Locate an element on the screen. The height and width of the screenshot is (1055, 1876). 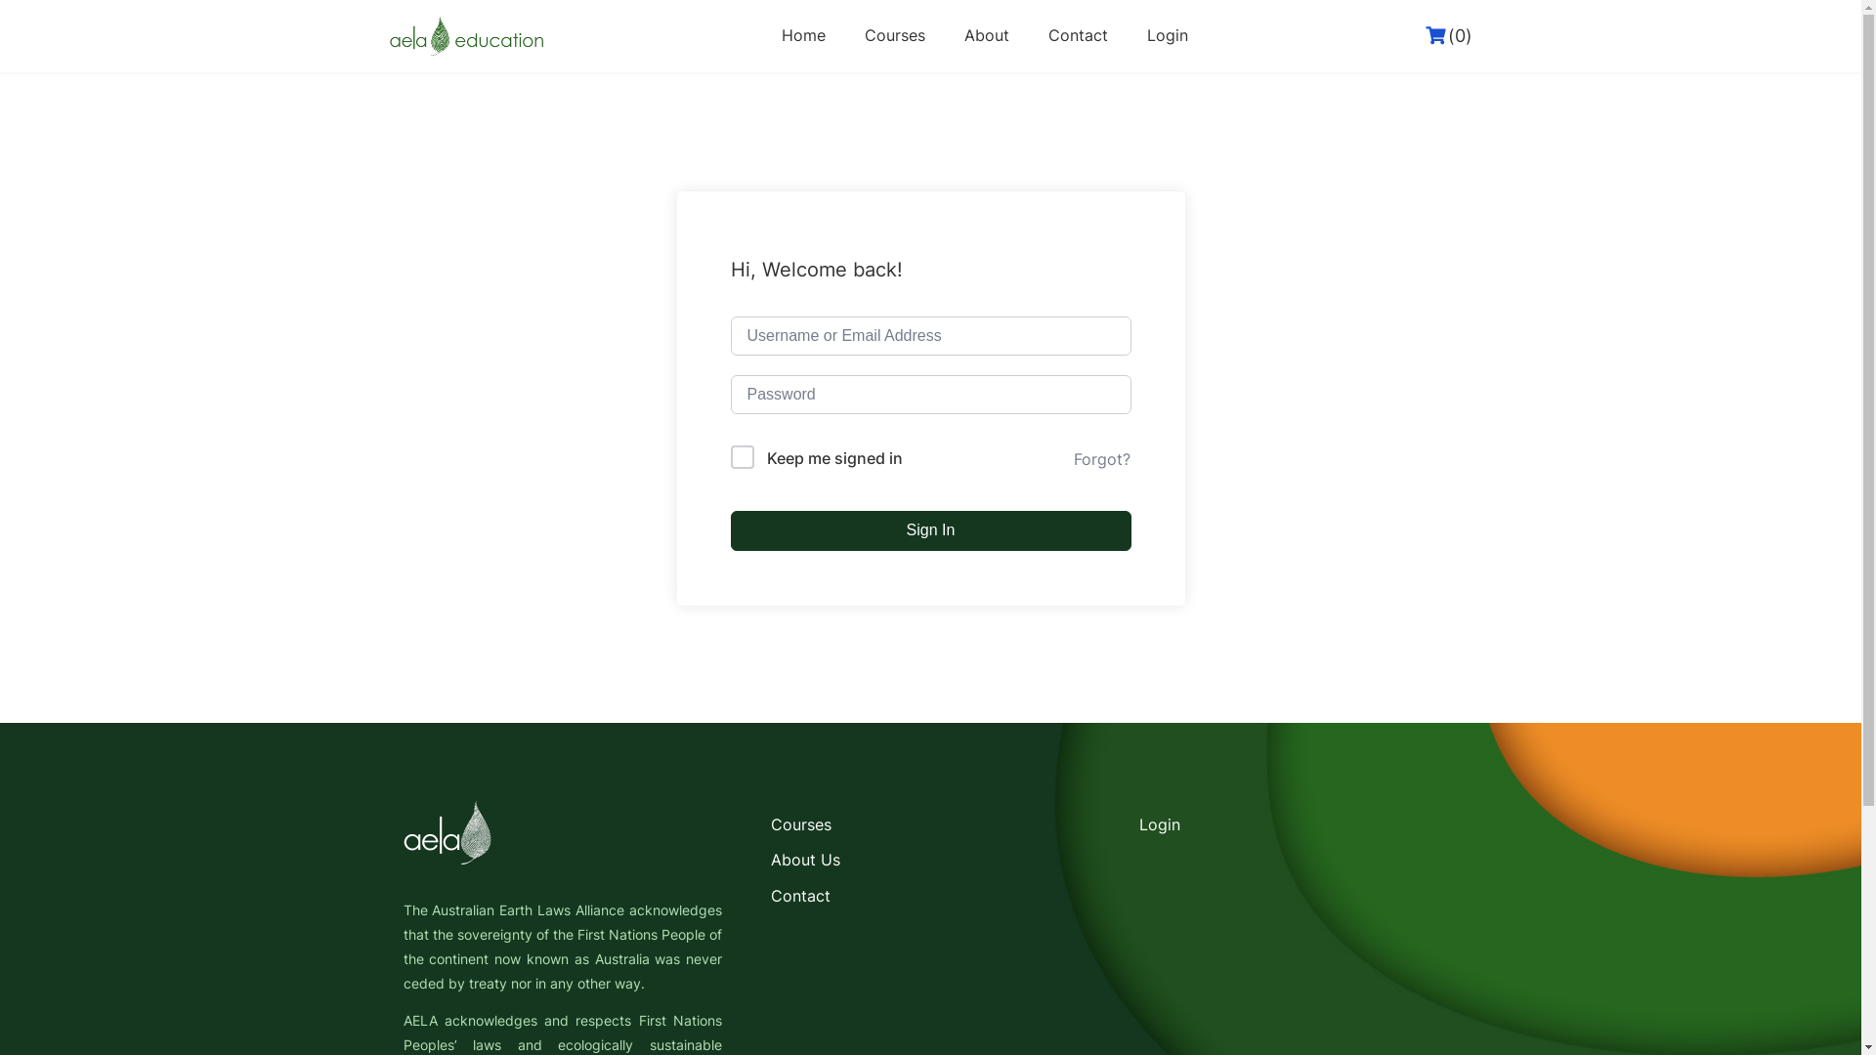
'About Us' is located at coordinates (805, 858).